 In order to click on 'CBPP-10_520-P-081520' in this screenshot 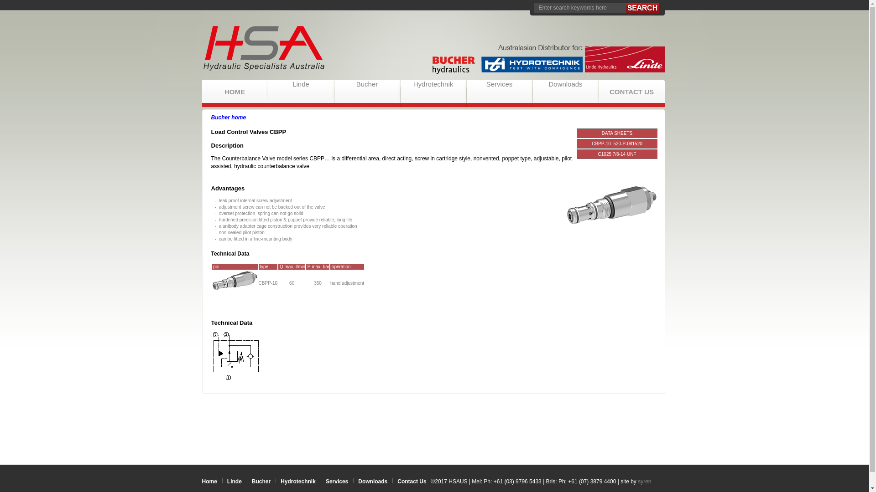, I will do `click(617, 143)`.